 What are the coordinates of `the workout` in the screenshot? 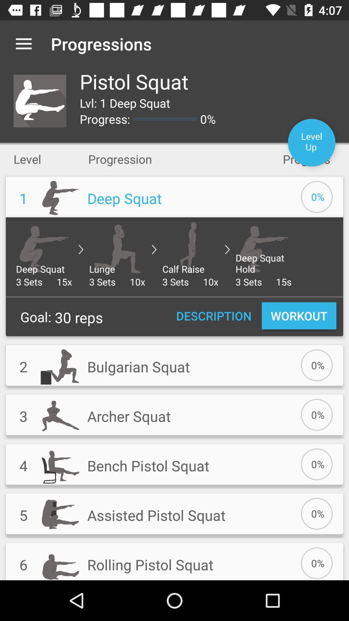 It's located at (299, 316).